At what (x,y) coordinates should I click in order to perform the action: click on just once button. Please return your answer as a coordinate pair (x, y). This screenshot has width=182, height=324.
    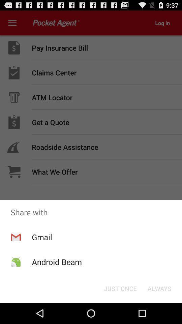
    Looking at the image, I should click on (120, 288).